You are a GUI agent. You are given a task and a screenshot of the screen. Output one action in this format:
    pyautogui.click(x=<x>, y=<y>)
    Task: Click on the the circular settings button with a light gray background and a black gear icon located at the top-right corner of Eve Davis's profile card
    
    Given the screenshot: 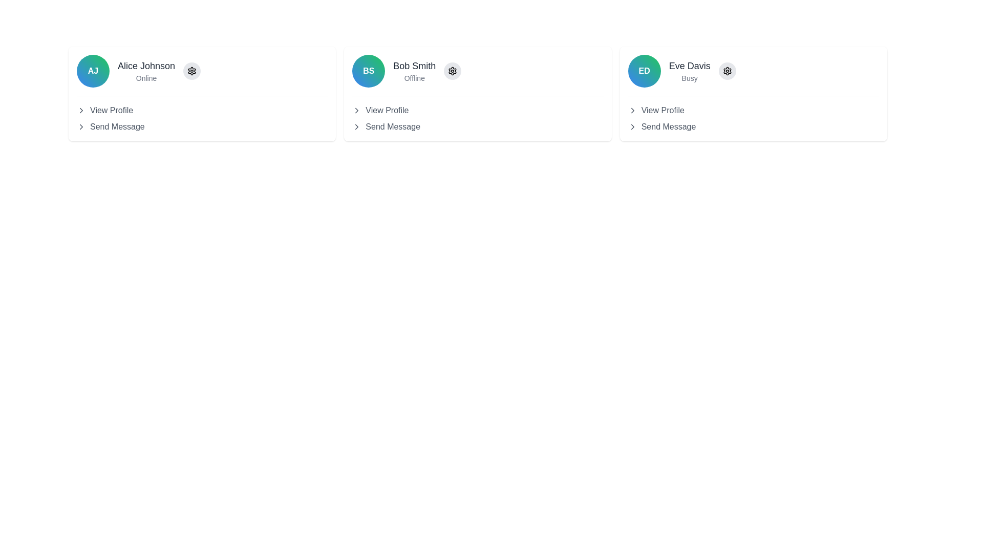 What is the action you would take?
    pyautogui.click(x=726, y=70)
    